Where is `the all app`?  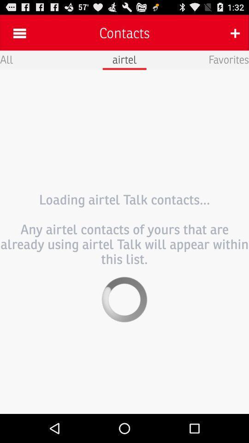
the all app is located at coordinates (6, 59).